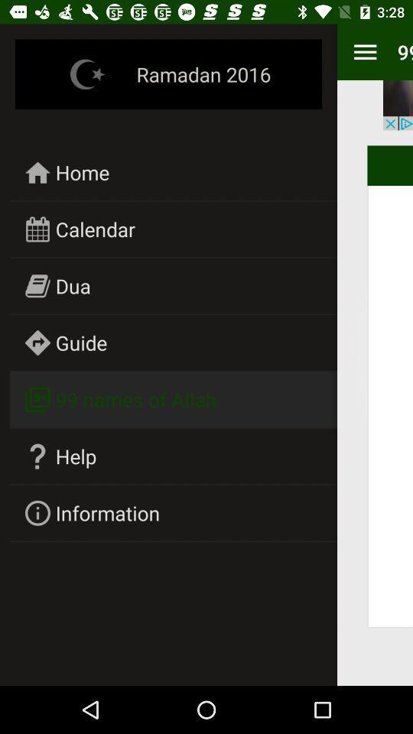 The image size is (413, 734). Describe the element at coordinates (364, 52) in the screenshot. I see `app to the left of the 99 names of` at that location.